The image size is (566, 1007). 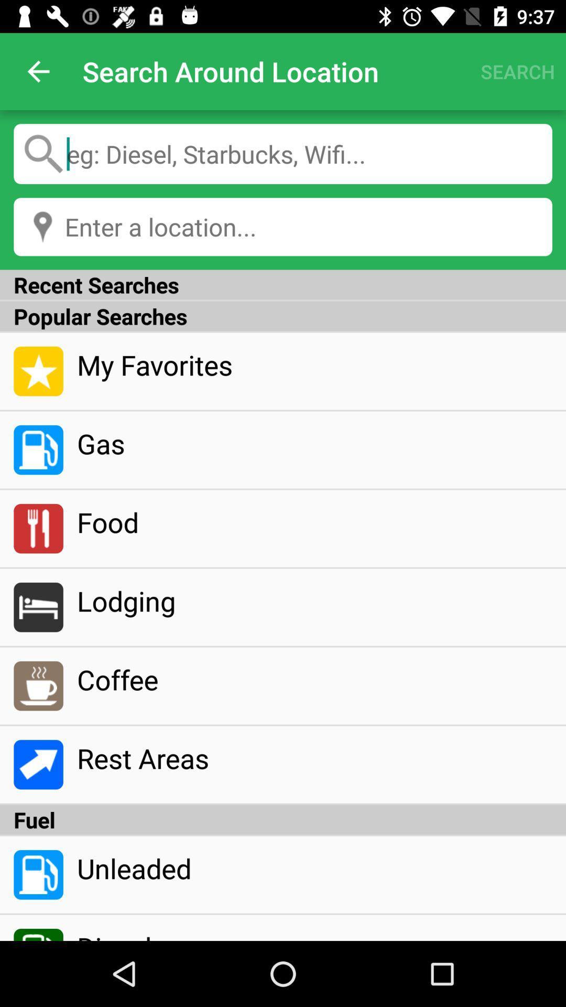 What do you see at coordinates (314, 935) in the screenshot?
I see `the diesel icon` at bounding box center [314, 935].